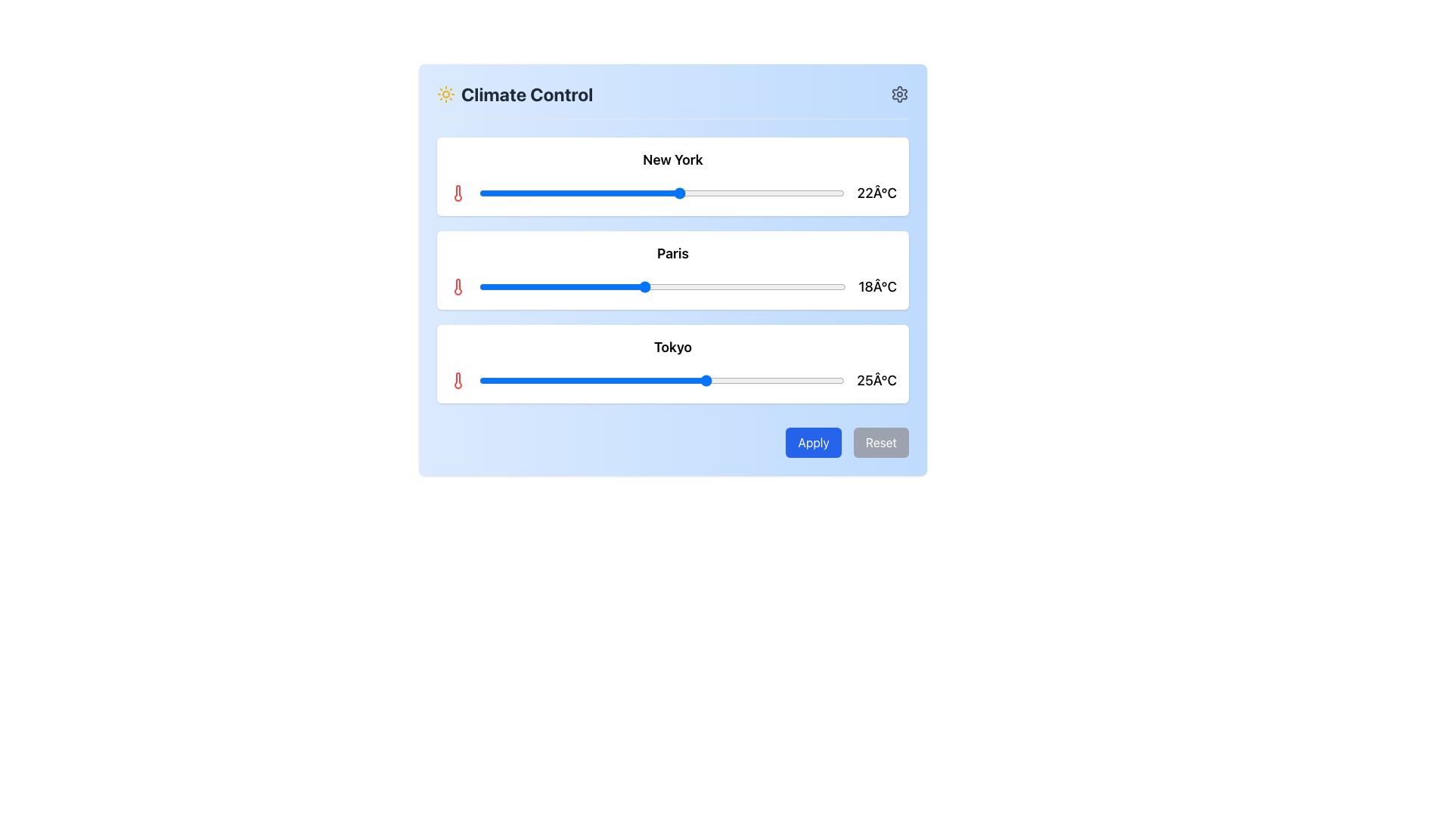  What do you see at coordinates (616, 380) in the screenshot?
I see `the temperature` at bounding box center [616, 380].